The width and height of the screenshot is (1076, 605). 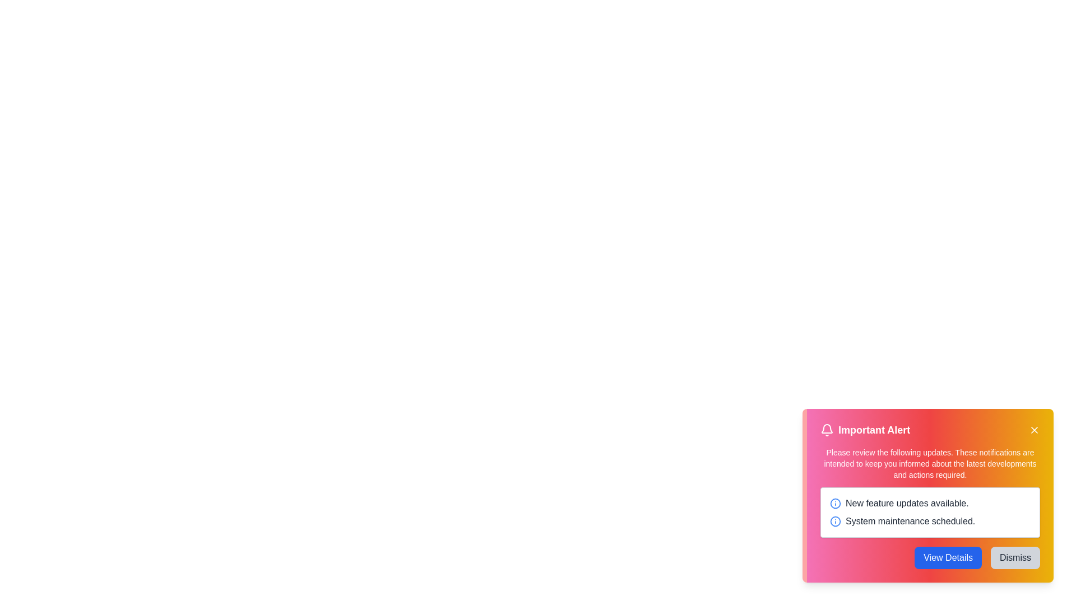 I want to click on the 'View Details' button to view the details of the alert, so click(x=947, y=557).